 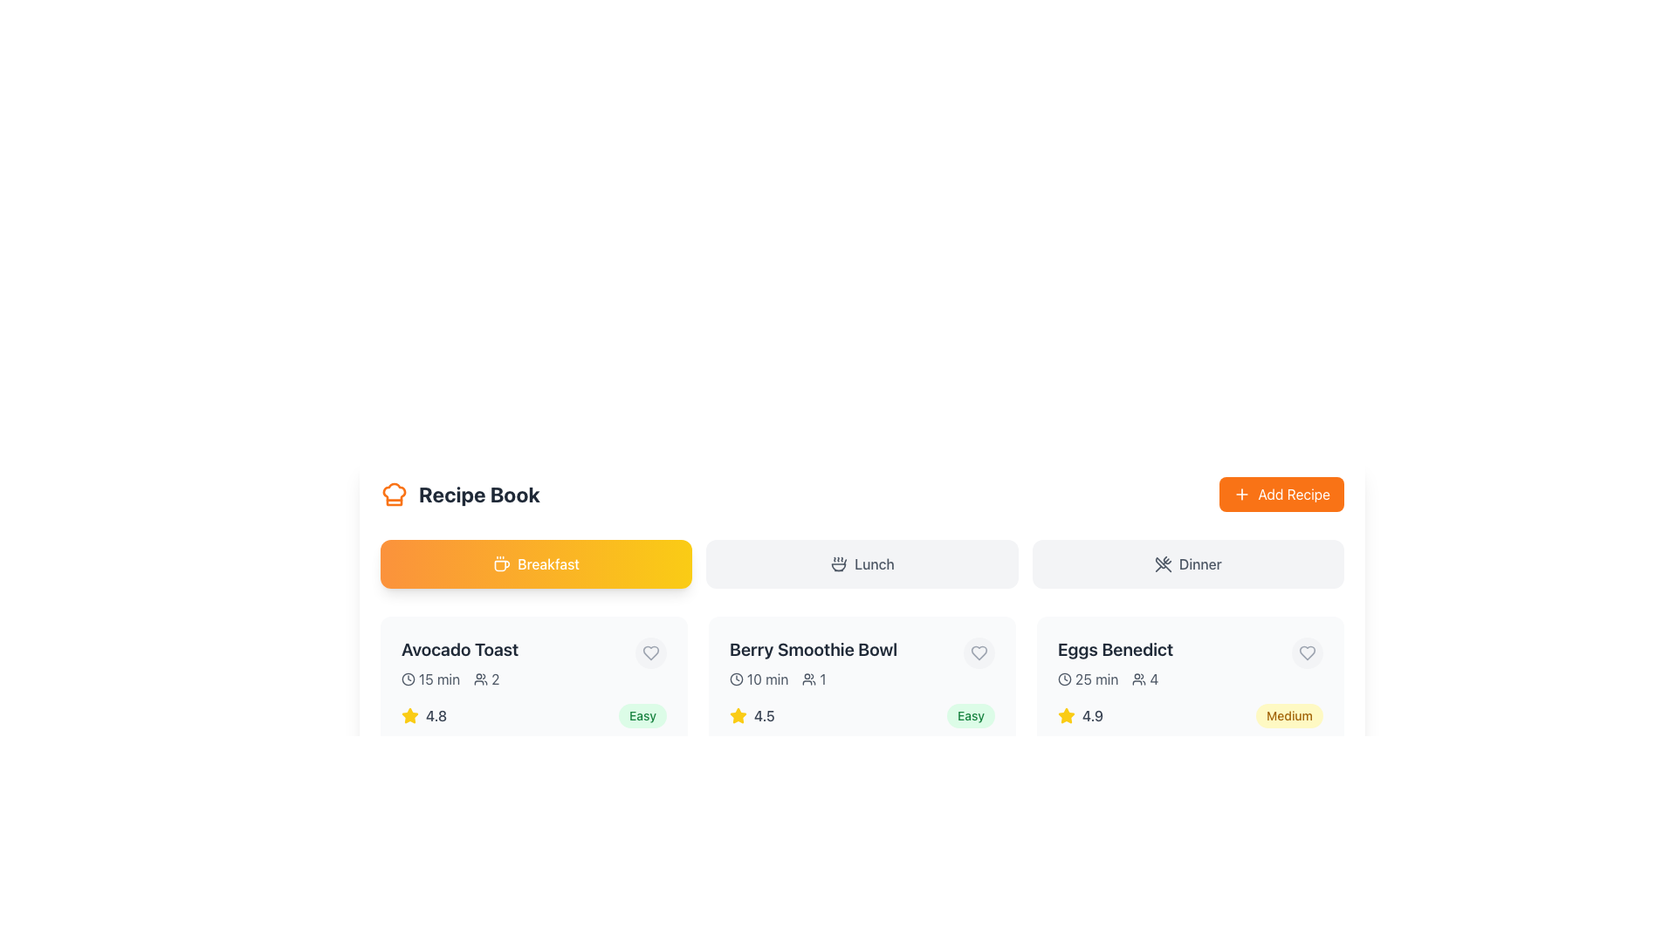 I want to click on the information displayed in the horizontal group containing the clock icon with '25 min' and the user icon with '4', located in the card for the 'Eggs Benedict' recipe, so click(x=1115, y=679).